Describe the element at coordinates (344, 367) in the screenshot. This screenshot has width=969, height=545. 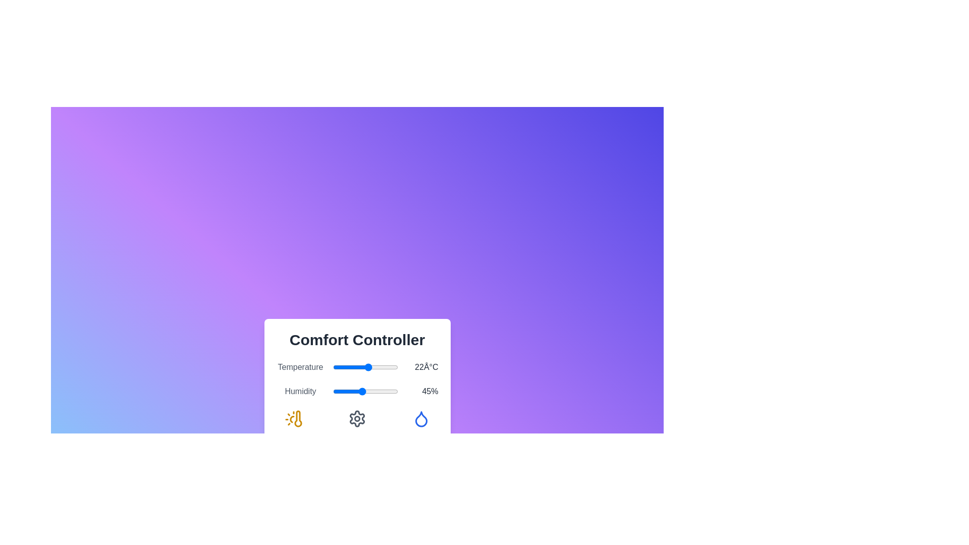
I see `the temperature slider to 7°C` at that location.